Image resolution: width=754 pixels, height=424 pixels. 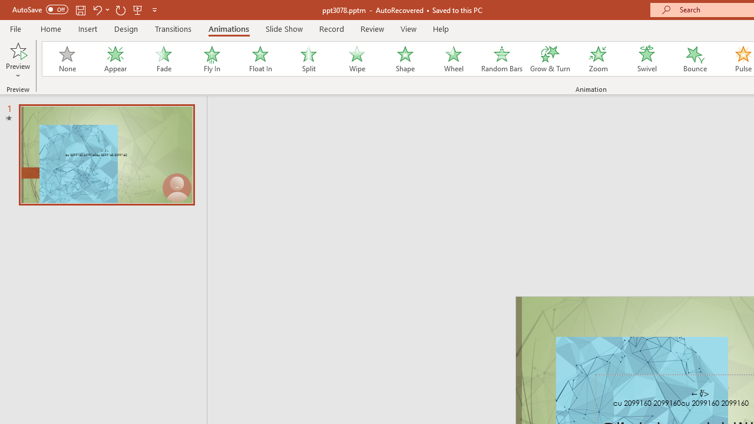 I want to click on 'Wheel', so click(x=453, y=59).